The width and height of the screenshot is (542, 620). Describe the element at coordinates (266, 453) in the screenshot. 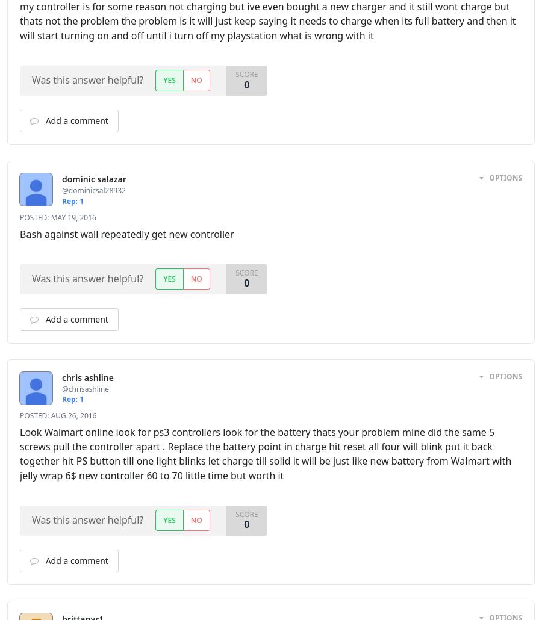

I see `'Look Walmart online look for ps3 controllers look for the battery thats your problem mine did the same 5 screws pull the controller apart . Replace the battery point in charge hit reset all four will blink put it back together hit PS button till one light blinks let charge till solid it will be just like new battery from Walmart with jelly wrap 6$ new controller 60 to 70 little time but worth it'` at that location.